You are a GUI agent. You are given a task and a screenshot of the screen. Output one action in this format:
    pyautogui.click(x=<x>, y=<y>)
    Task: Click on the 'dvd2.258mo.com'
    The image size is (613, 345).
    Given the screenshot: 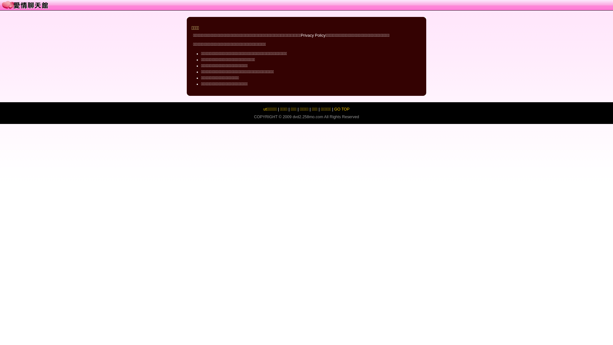 What is the action you would take?
    pyautogui.click(x=308, y=117)
    